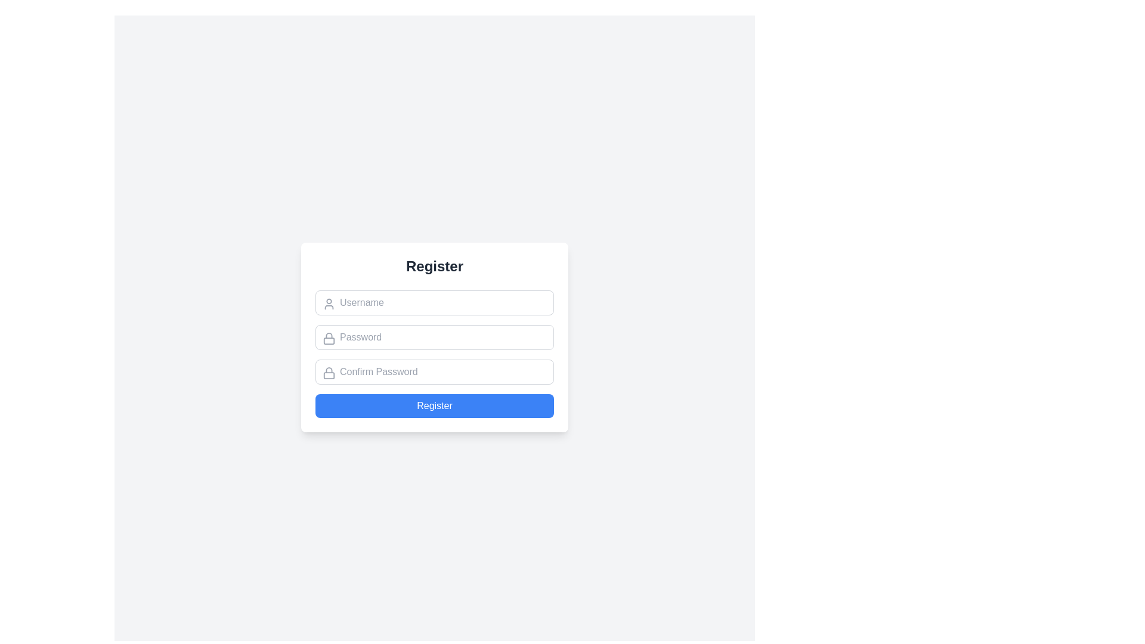 Image resolution: width=1145 pixels, height=644 pixels. I want to click on the 'Register' button, so click(434, 405).